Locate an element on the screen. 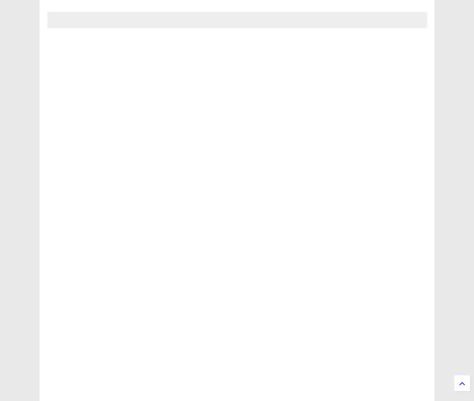  'Abhiraj Singh' is located at coordinates (62, 277).